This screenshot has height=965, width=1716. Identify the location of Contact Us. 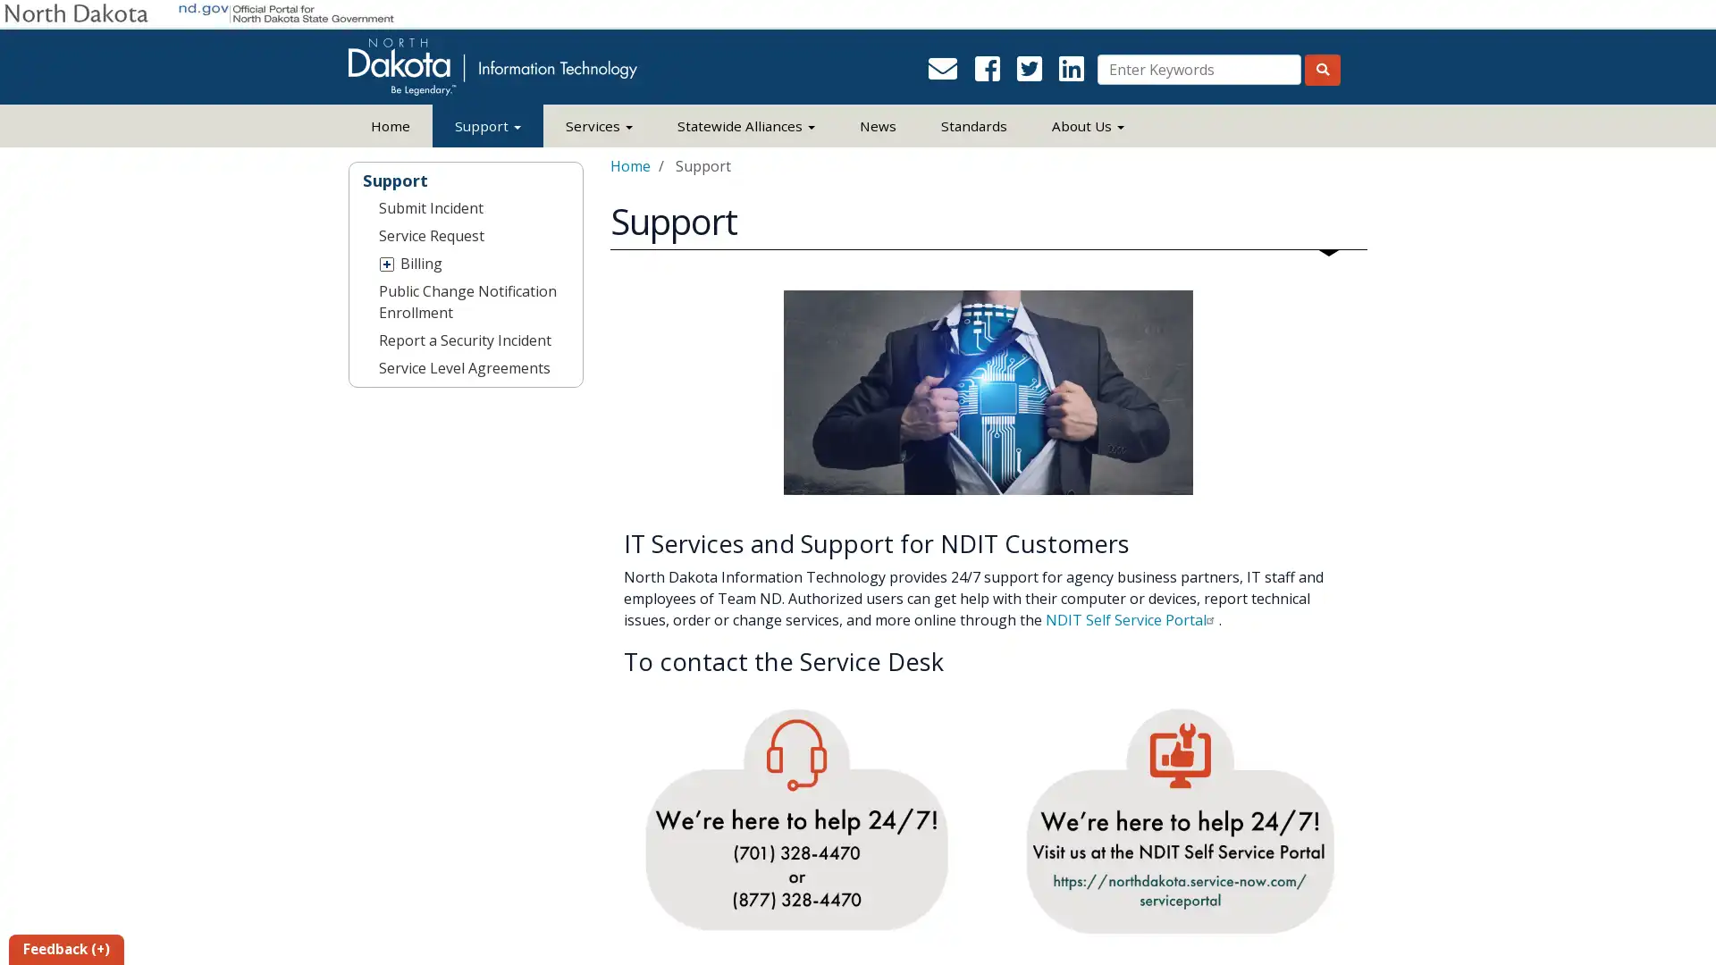
(947, 73).